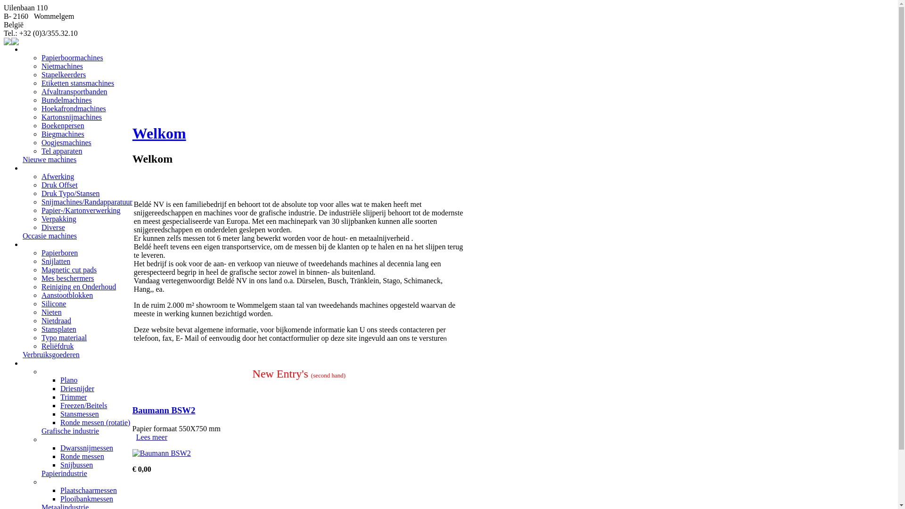  What do you see at coordinates (86, 498) in the screenshot?
I see `'Plooibankmessen'` at bounding box center [86, 498].